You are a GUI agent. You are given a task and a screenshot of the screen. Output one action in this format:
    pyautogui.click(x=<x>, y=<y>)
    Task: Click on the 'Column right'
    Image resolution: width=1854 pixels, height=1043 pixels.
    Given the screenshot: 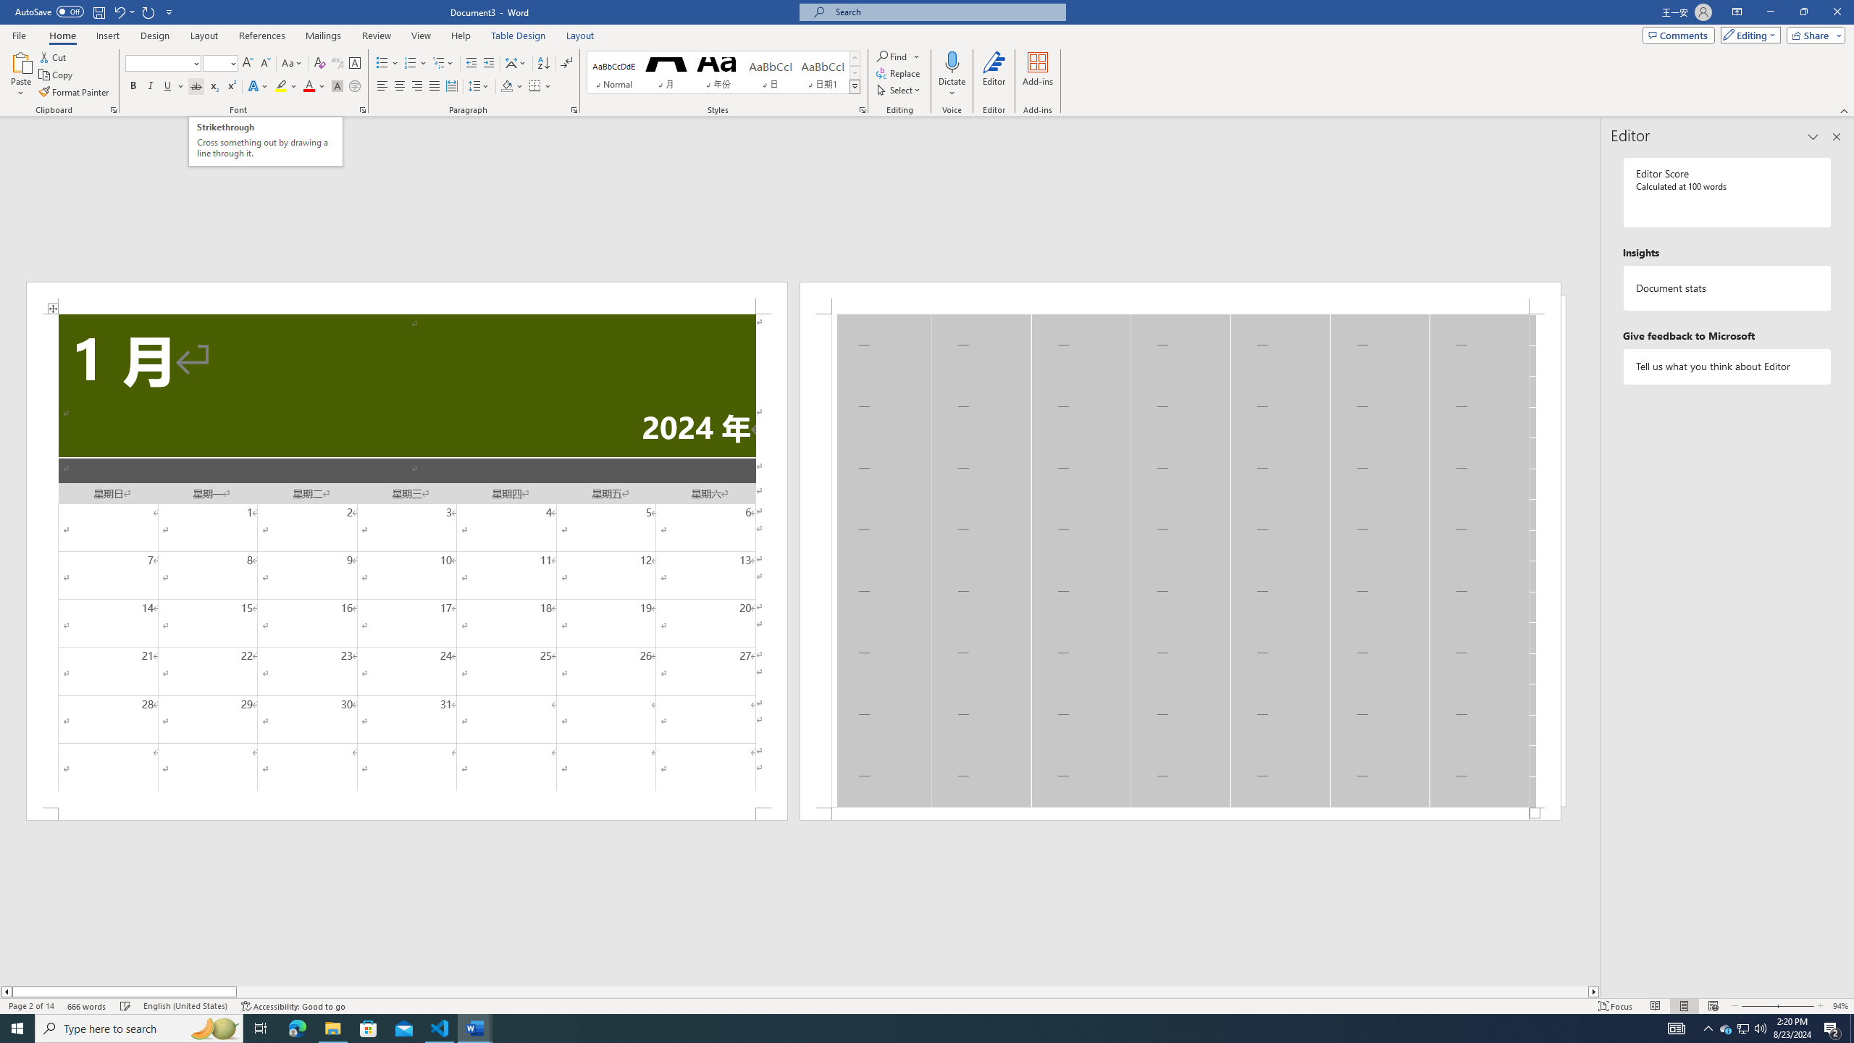 What is the action you would take?
    pyautogui.click(x=1594, y=991)
    